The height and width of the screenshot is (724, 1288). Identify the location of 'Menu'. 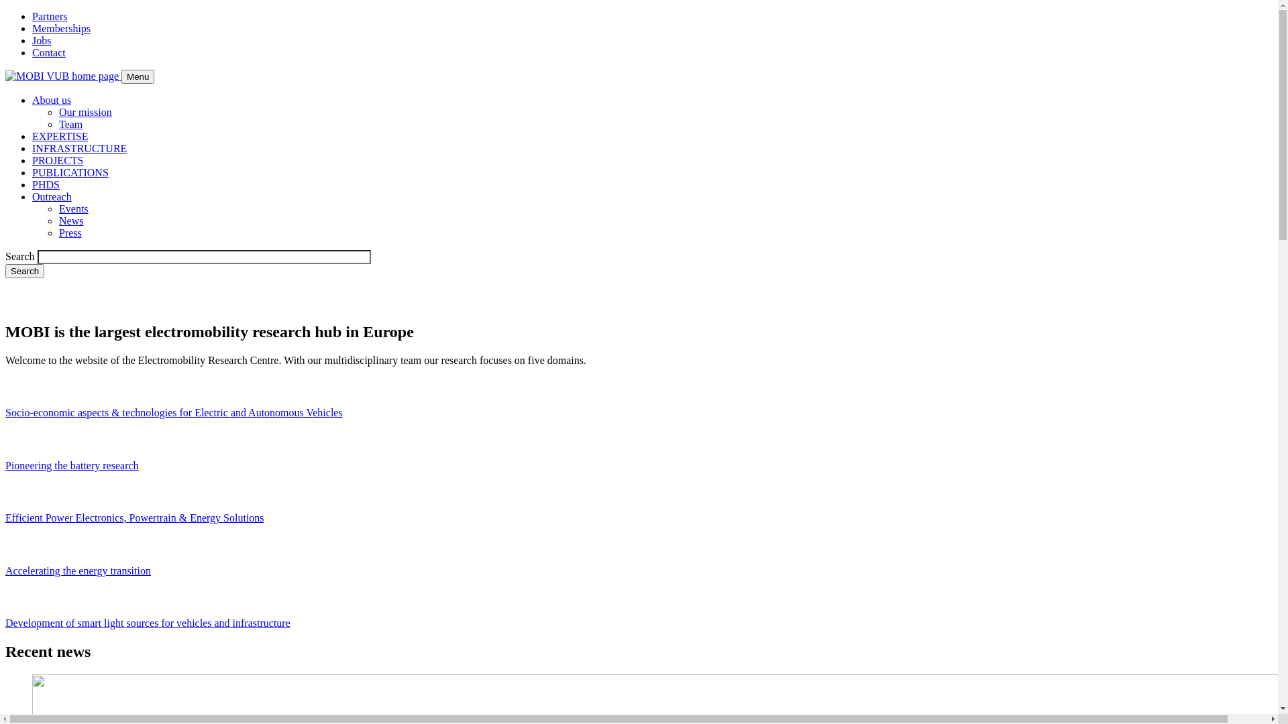
(121, 76).